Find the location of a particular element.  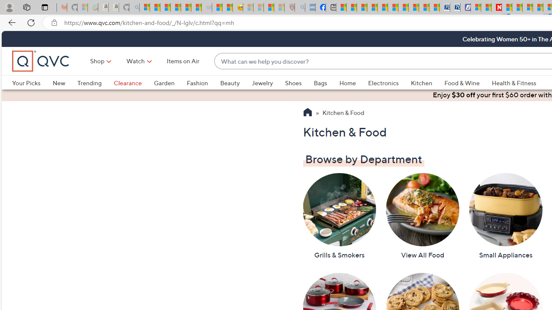

'Kitchen' is located at coordinates (421, 83).